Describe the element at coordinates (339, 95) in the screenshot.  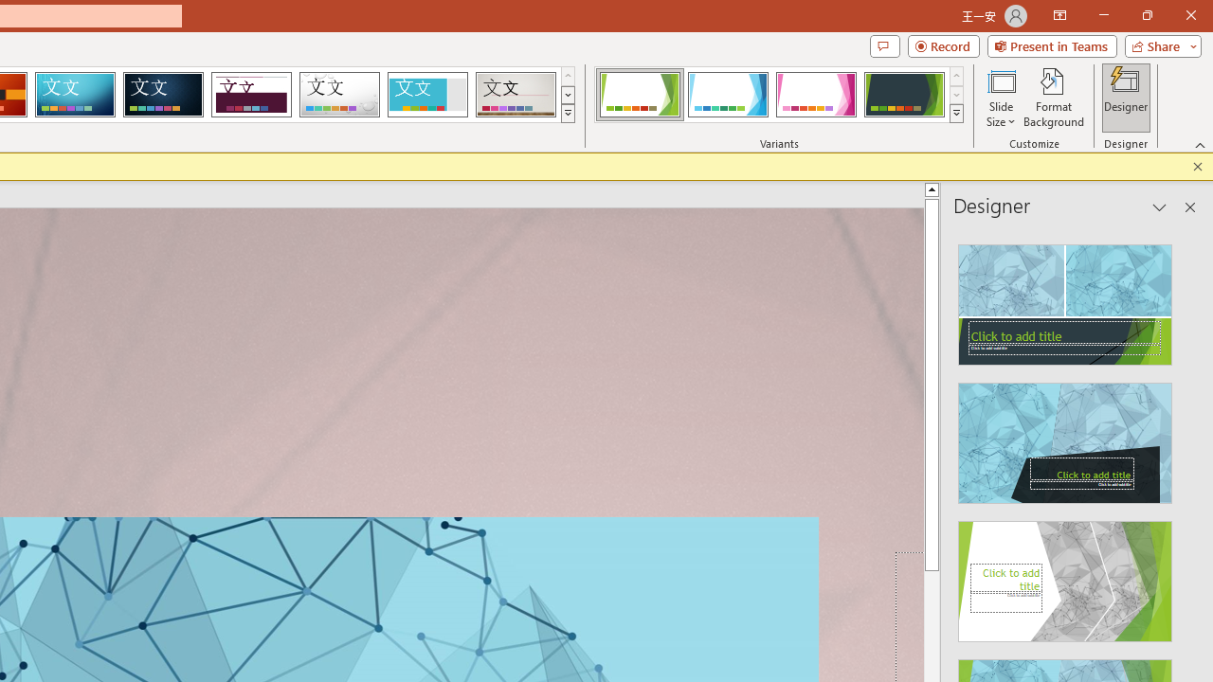
I see `'Droplet'` at that location.